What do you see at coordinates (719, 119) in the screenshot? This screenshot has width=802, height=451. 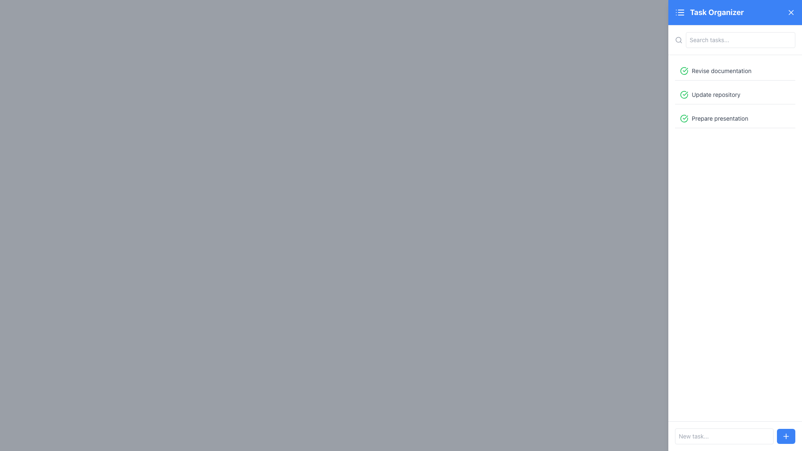 I see `the text label displaying 'Prepare presentation', which is the third item in a vertical list of tasks` at bounding box center [719, 119].